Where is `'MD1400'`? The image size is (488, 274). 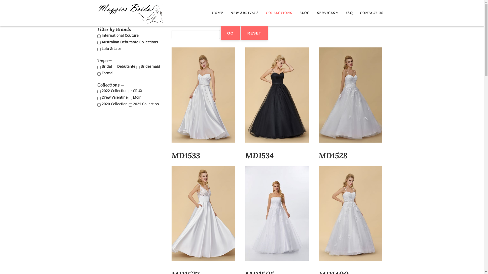 'MD1400' is located at coordinates (350, 214).